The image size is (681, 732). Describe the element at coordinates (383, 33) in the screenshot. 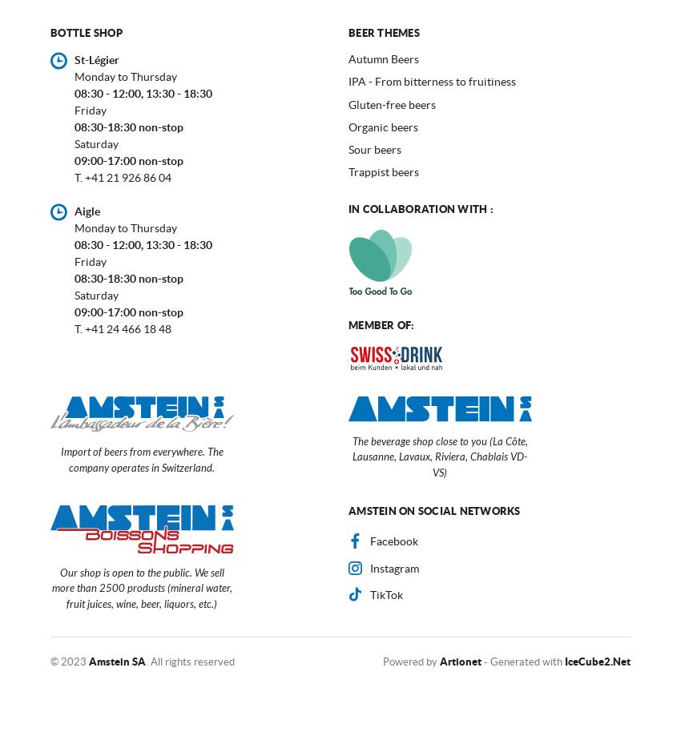

I see `'Beer themes'` at that location.